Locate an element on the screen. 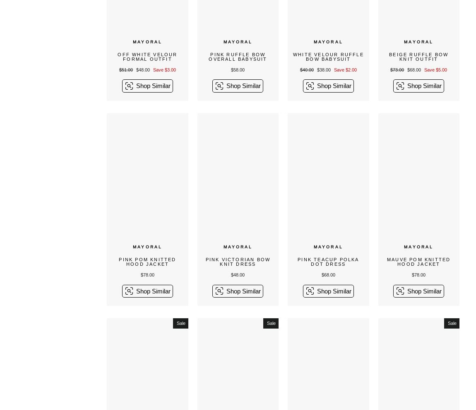 This screenshot has height=410, width=476. 'Pink Pom Knitted Hood Jacket' is located at coordinates (147, 262).